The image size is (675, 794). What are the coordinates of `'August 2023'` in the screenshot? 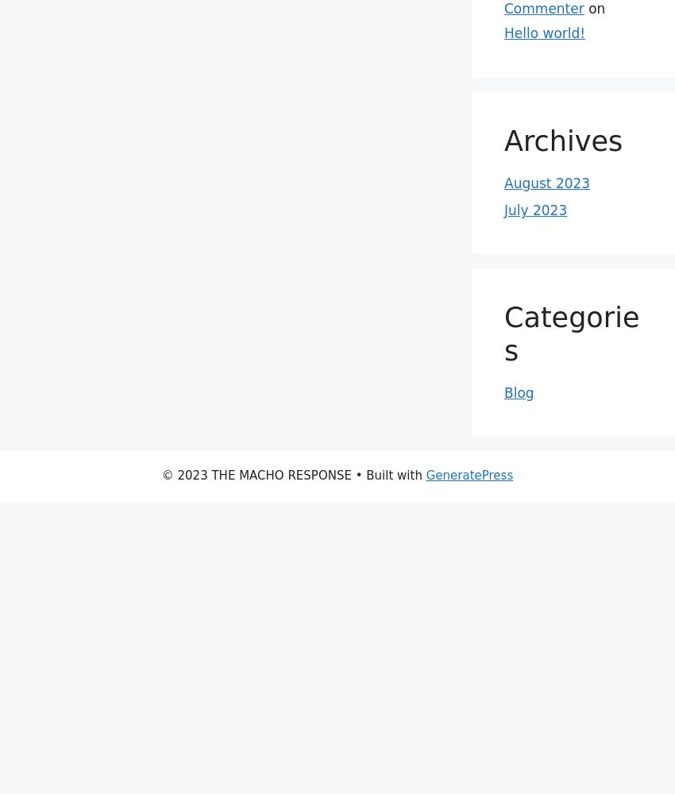 It's located at (546, 183).